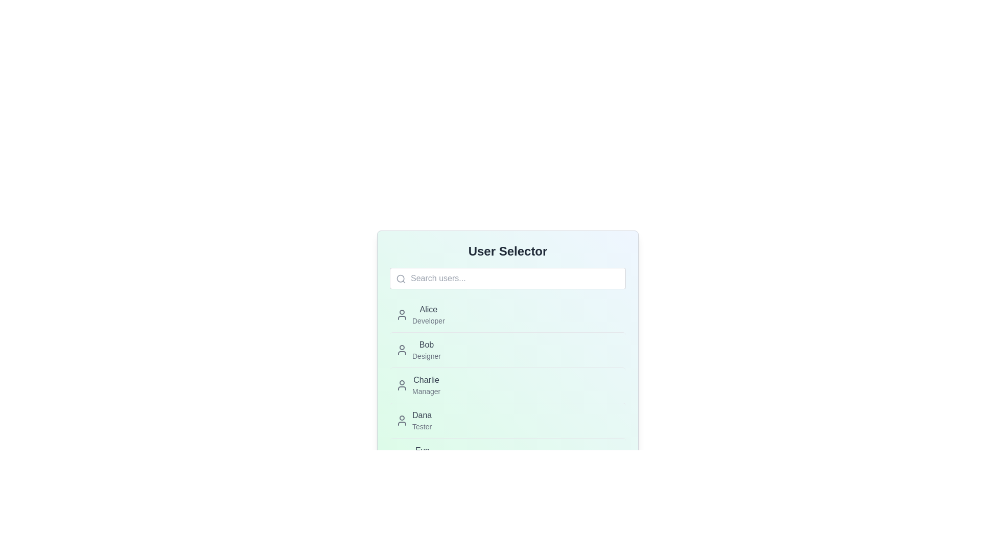 The height and width of the screenshot is (552, 981). I want to click on the second row of the user selection list labeled 'Bob Designer', so click(507, 349).